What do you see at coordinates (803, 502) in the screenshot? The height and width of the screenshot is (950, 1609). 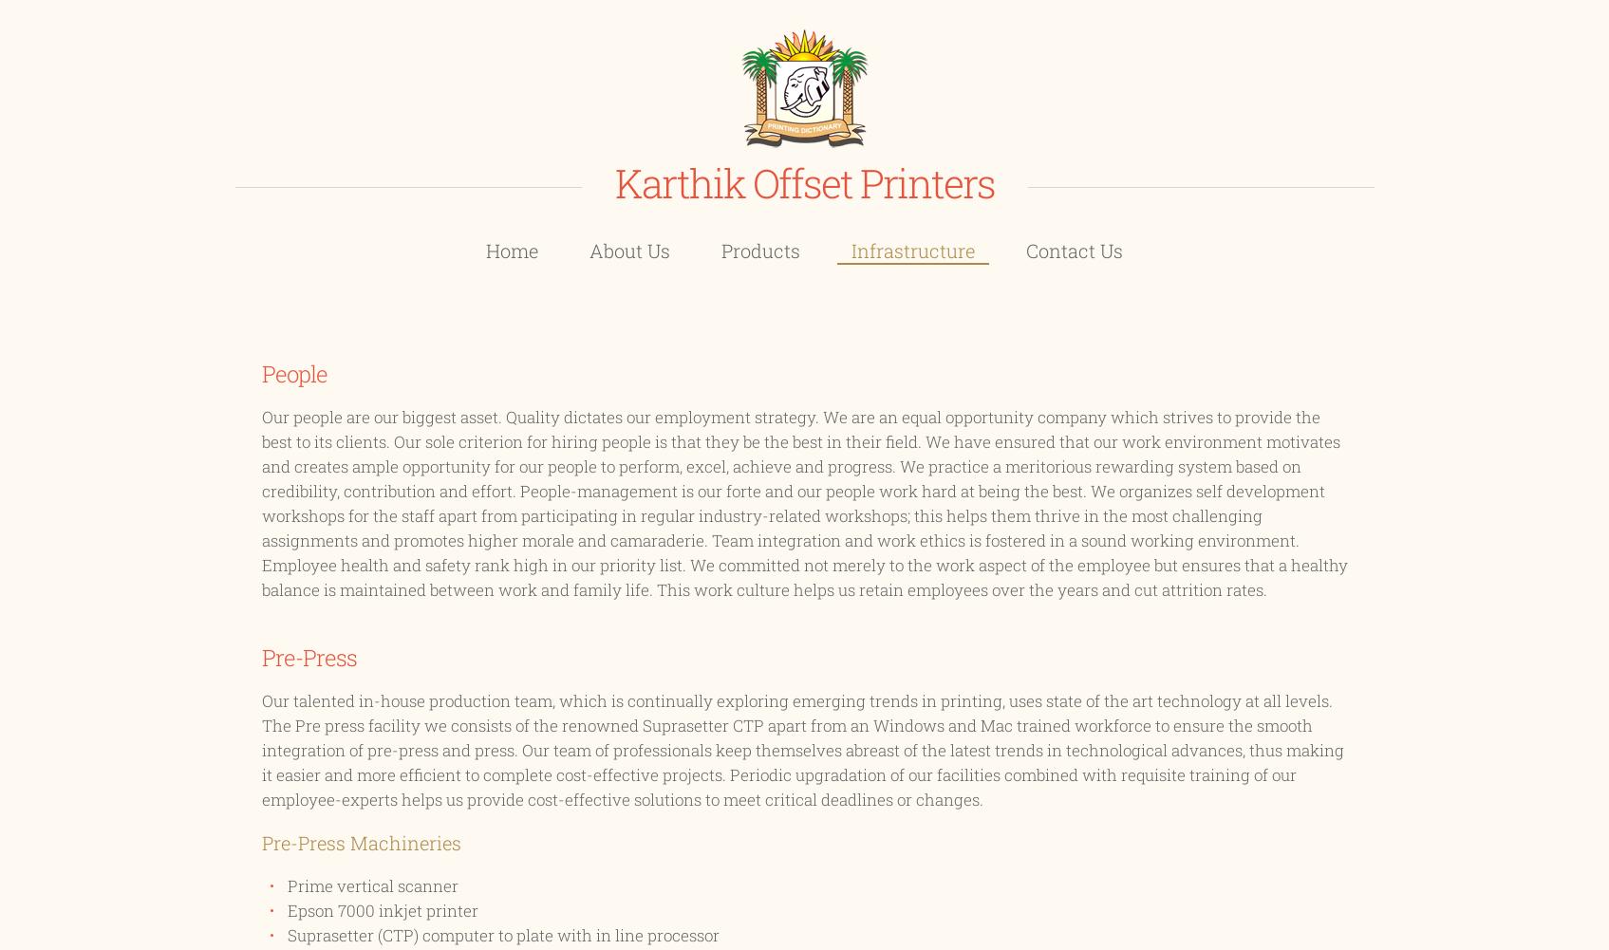 I see `'Our people are our biggest asset. Quality dictates our employment strategy. We are an equal opportunity company which strives to provide the best to its clients. Our sole criterion for hiring people is that they be the best in their field. We have ensured that our work environment motivates and creates ample opportunity for our people to perform, excel, achieve and progress. We practice a meritorious rewarding system based on credibility, contribution and effort. People-management is our forte and our people work hard at being the best. We organizes self development workshops for the staff apart from participating in regular industry-related workshops; this helps them thrive in the most challenging assignments and promotes higher morale and camaraderie. Team integration and work ethics is fostered in a sound working environment. Employee health and safety rank high in our priority list. We committed not merely to the work aspect of the employee but ensures that a healthy balance is maintained between work and family life. This work culture helps us retain employees over the years and cut attrition rates.'` at bounding box center [803, 502].